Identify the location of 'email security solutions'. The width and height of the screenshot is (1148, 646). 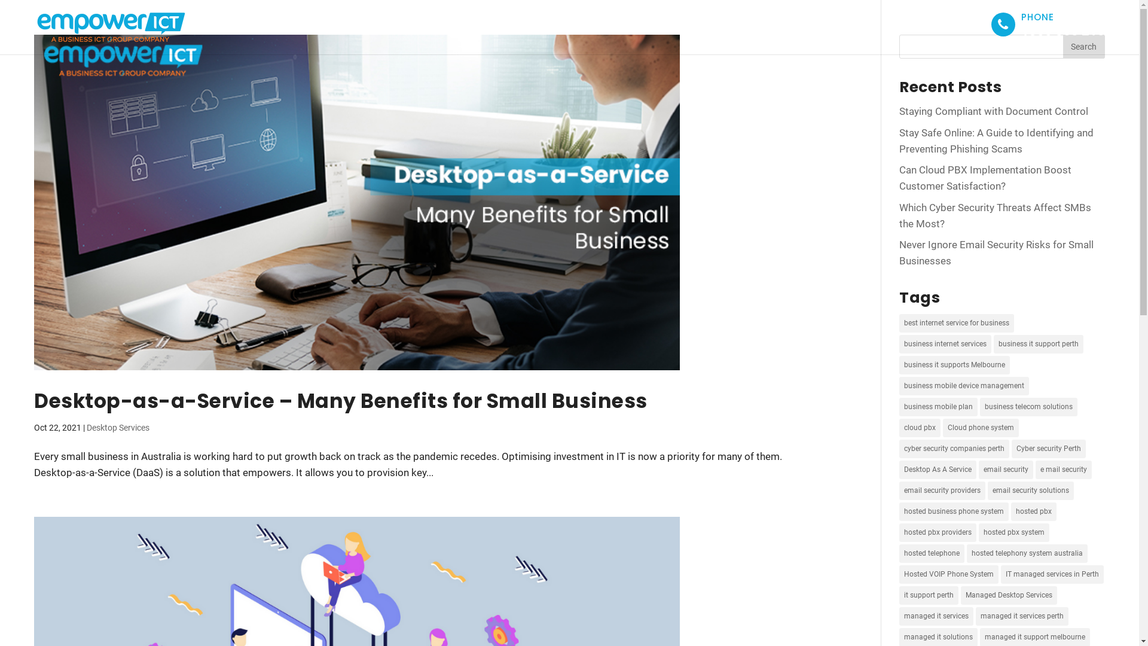
(1030, 490).